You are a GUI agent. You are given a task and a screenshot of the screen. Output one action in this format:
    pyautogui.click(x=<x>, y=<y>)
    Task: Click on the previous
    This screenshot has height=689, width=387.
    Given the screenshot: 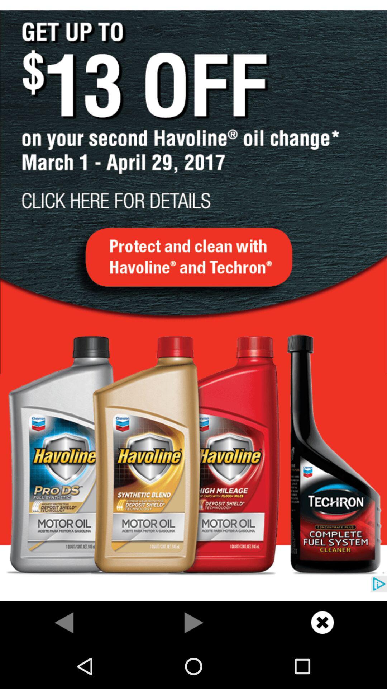 What is the action you would take?
    pyautogui.click(x=64, y=622)
    